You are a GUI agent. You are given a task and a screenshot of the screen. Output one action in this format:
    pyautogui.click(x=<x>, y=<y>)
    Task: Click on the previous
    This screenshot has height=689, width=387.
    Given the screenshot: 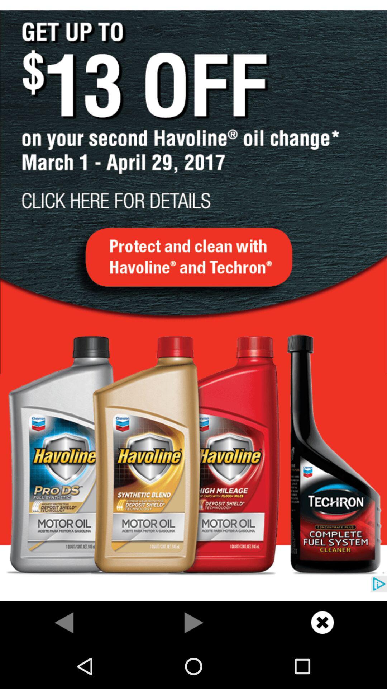 What is the action you would take?
    pyautogui.click(x=64, y=622)
    